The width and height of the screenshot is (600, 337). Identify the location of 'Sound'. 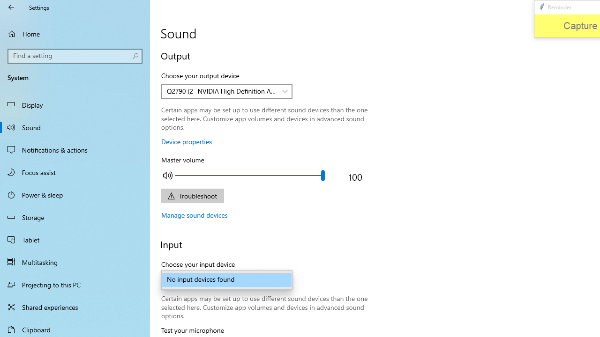
(75, 127).